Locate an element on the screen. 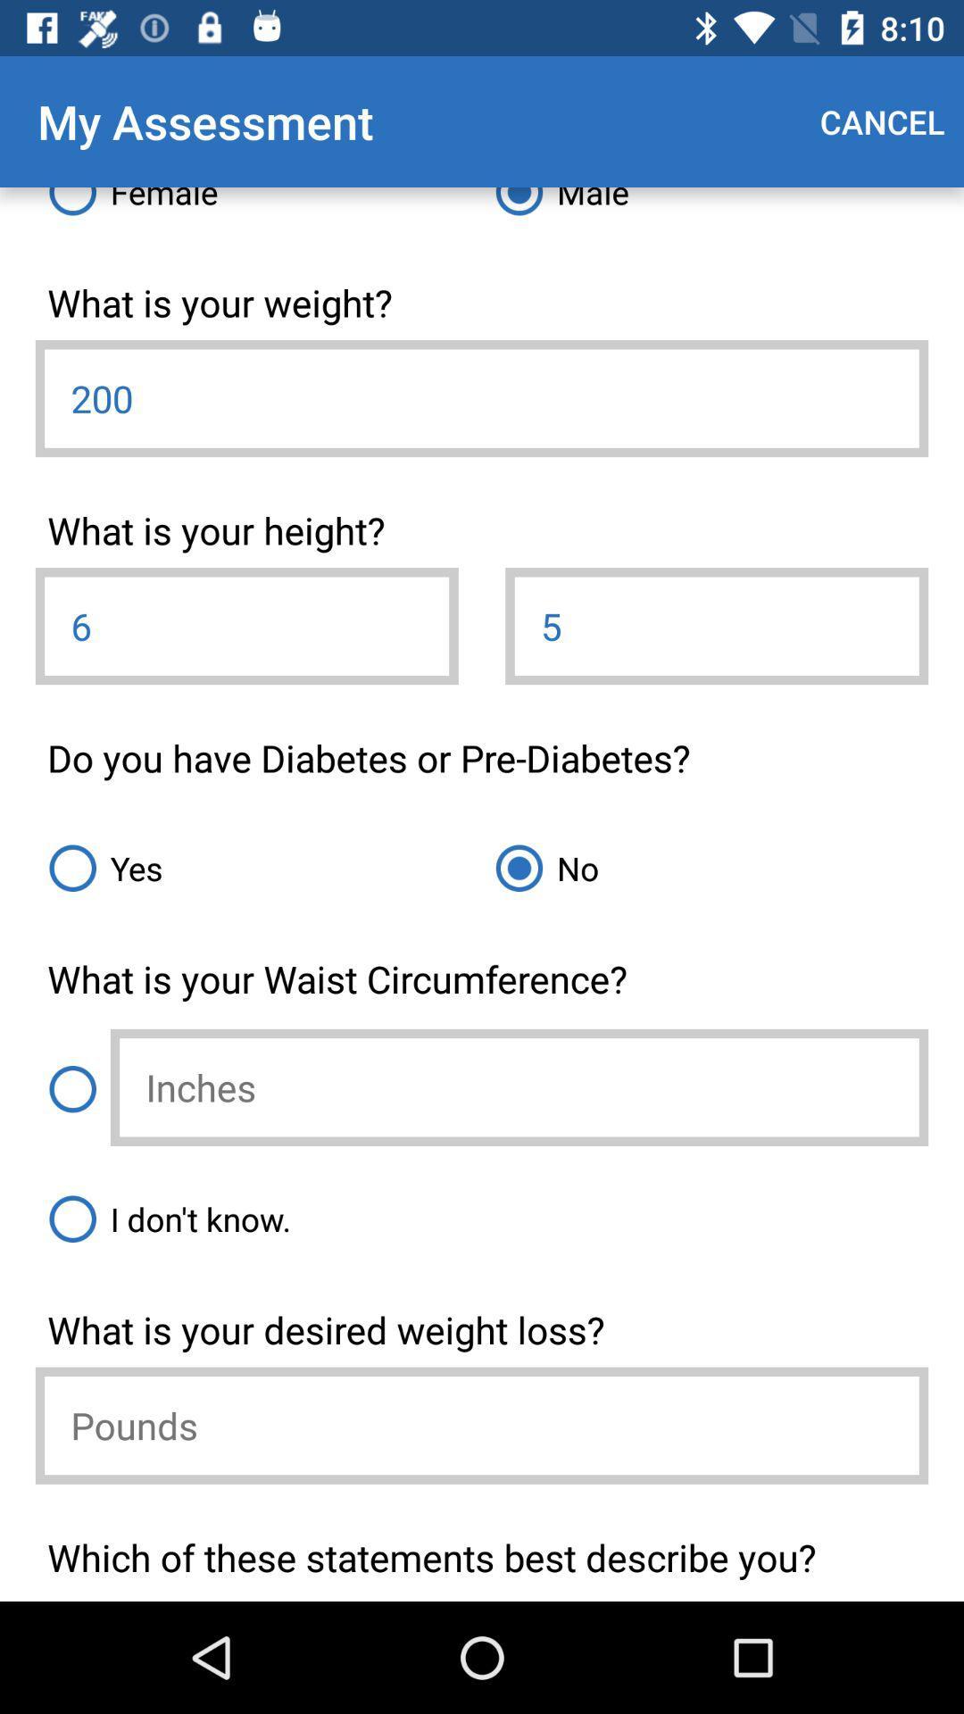  pick this to enter inches is located at coordinates (71, 1088).